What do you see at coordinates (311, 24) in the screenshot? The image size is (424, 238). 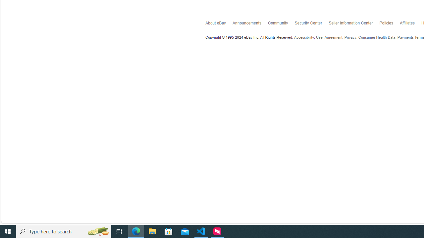 I see `'Security Center'` at bounding box center [311, 24].